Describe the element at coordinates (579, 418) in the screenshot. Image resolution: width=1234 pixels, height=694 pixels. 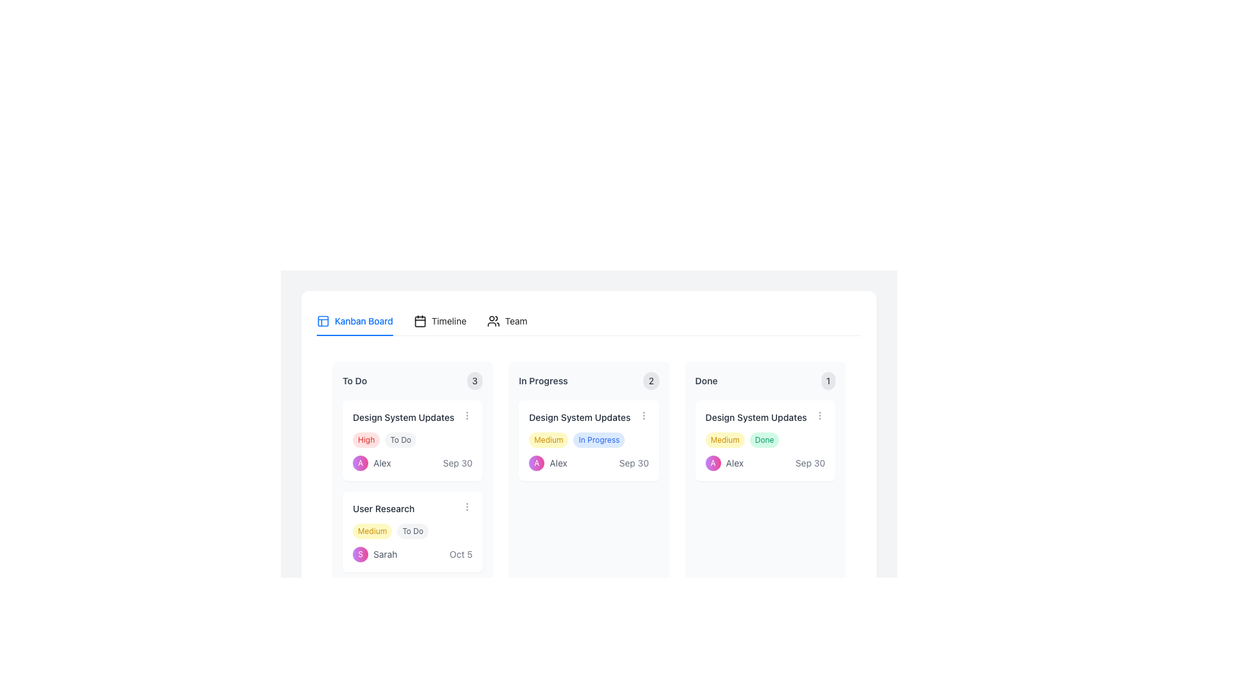
I see `the primary text label that identifies the top task in the 'In Progress' column of the Kanban board` at that location.